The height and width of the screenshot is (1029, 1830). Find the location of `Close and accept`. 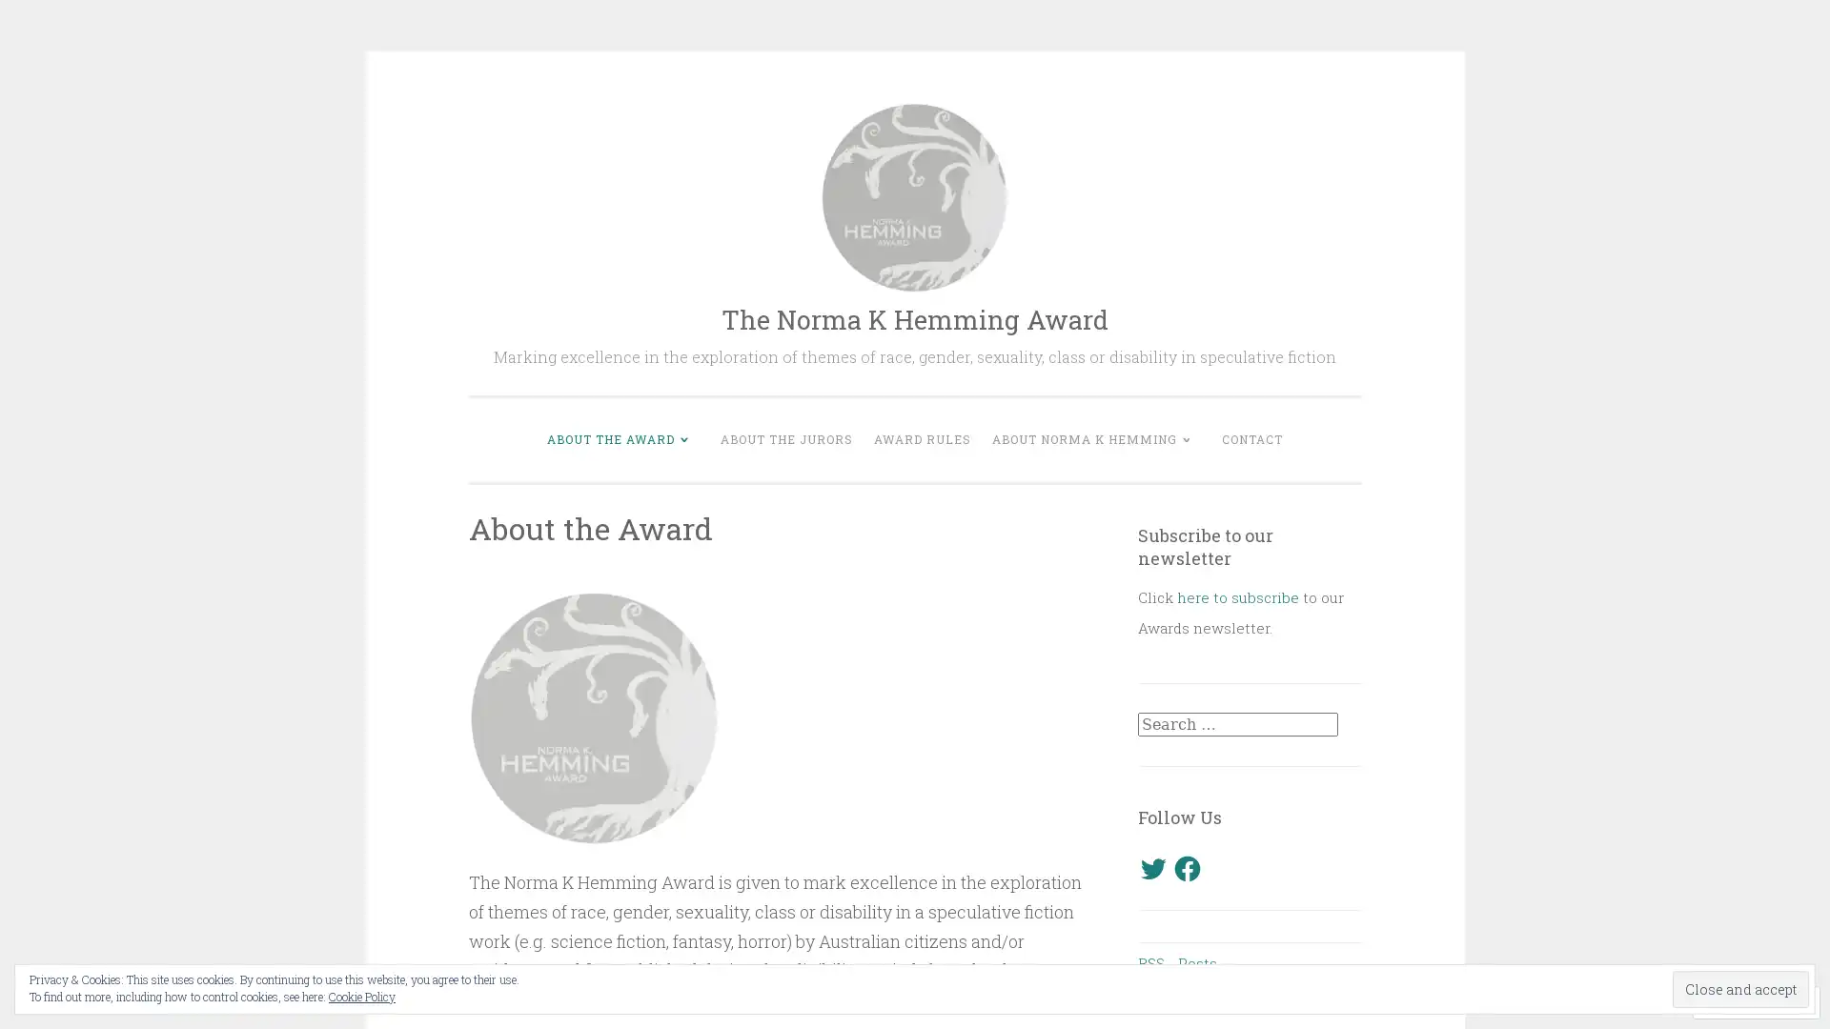

Close and accept is located at coordinates (1740, 988).